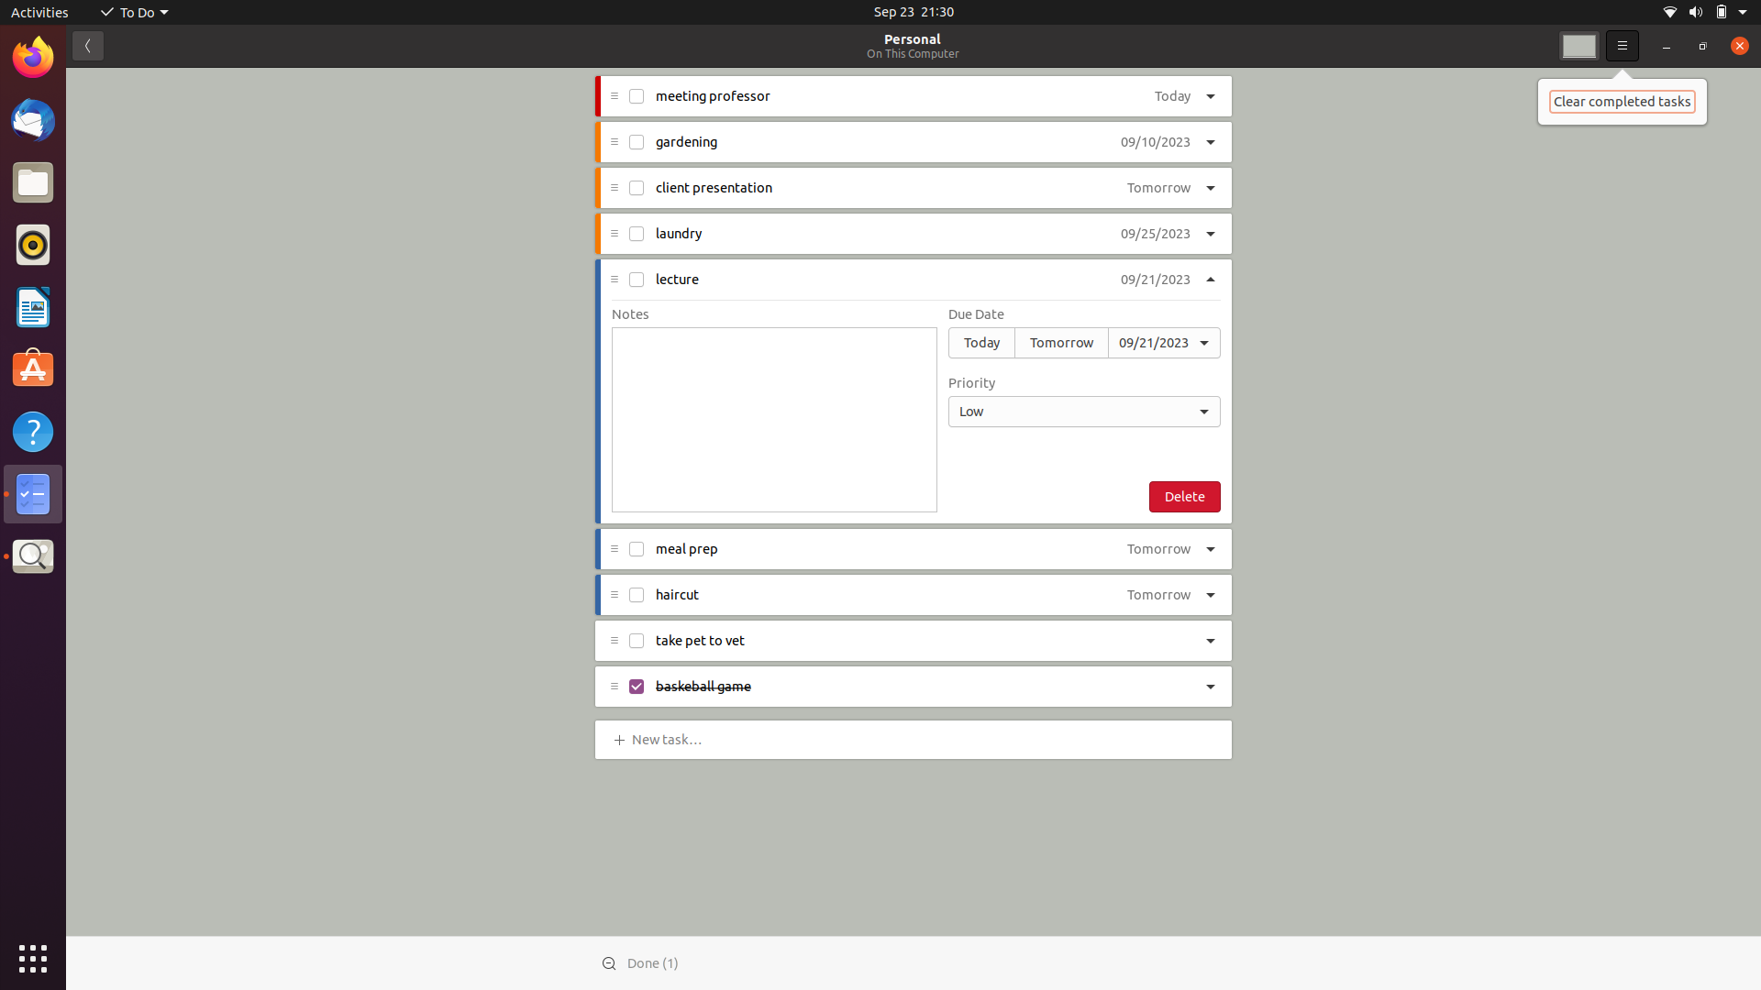 The image size is (1761, 990). Describe the element at coordinates (637, 98) in the screenshot. I see `Mark "meeting professor" as completed` at that location.